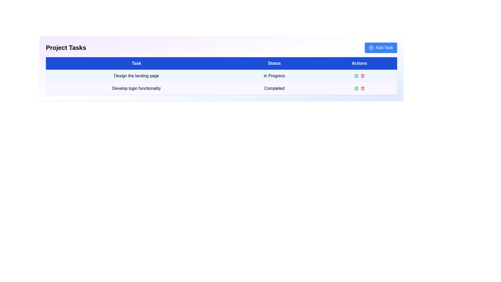  I want to click on the green pencil icon in the horizontal action button group for editing the task titled 'Design the landing page', so click(359, 76).